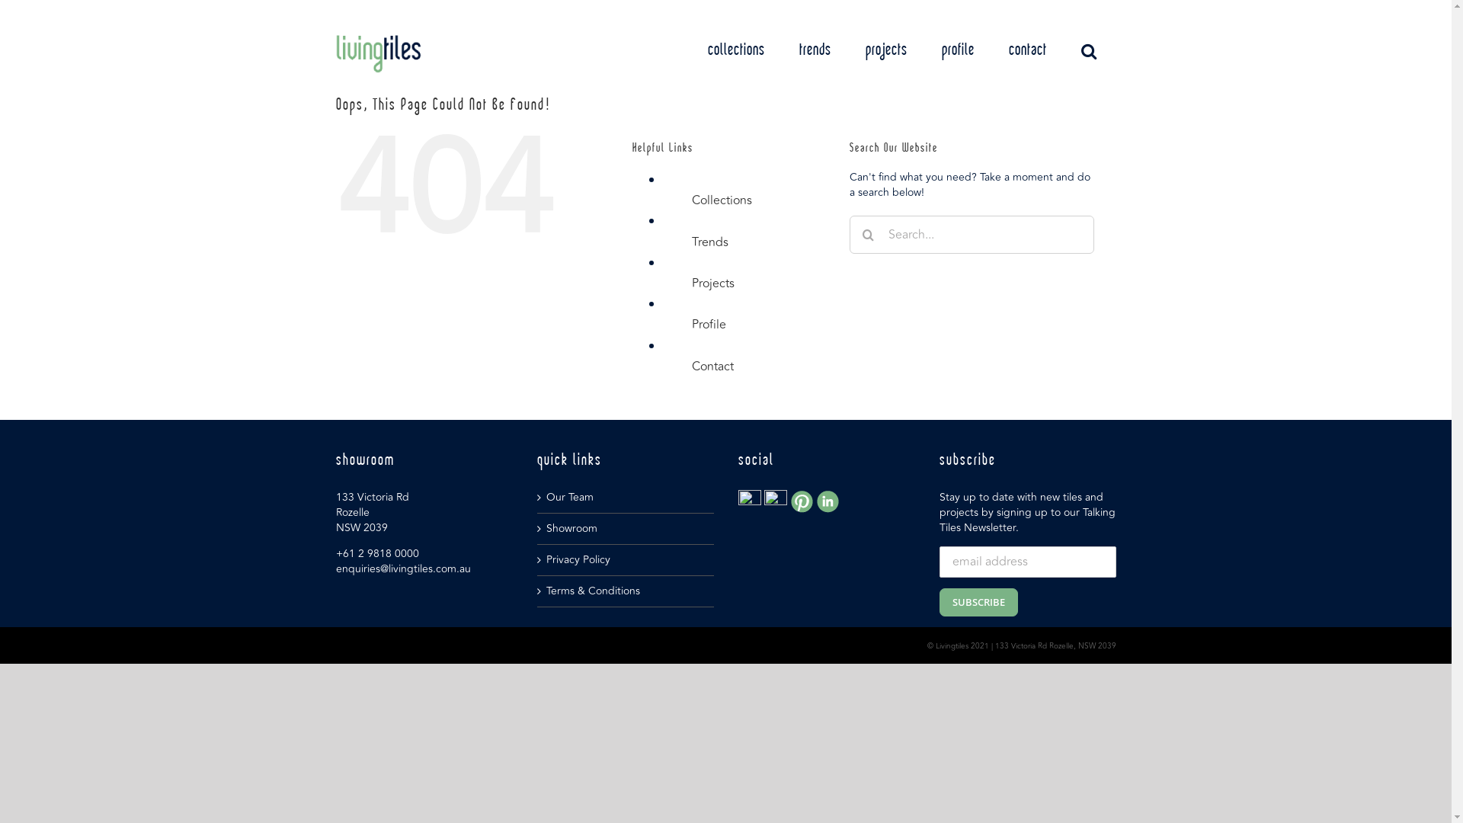  Describe the element at coordinates (735, 50) in the screenshot. I see `'collections'` at that location.